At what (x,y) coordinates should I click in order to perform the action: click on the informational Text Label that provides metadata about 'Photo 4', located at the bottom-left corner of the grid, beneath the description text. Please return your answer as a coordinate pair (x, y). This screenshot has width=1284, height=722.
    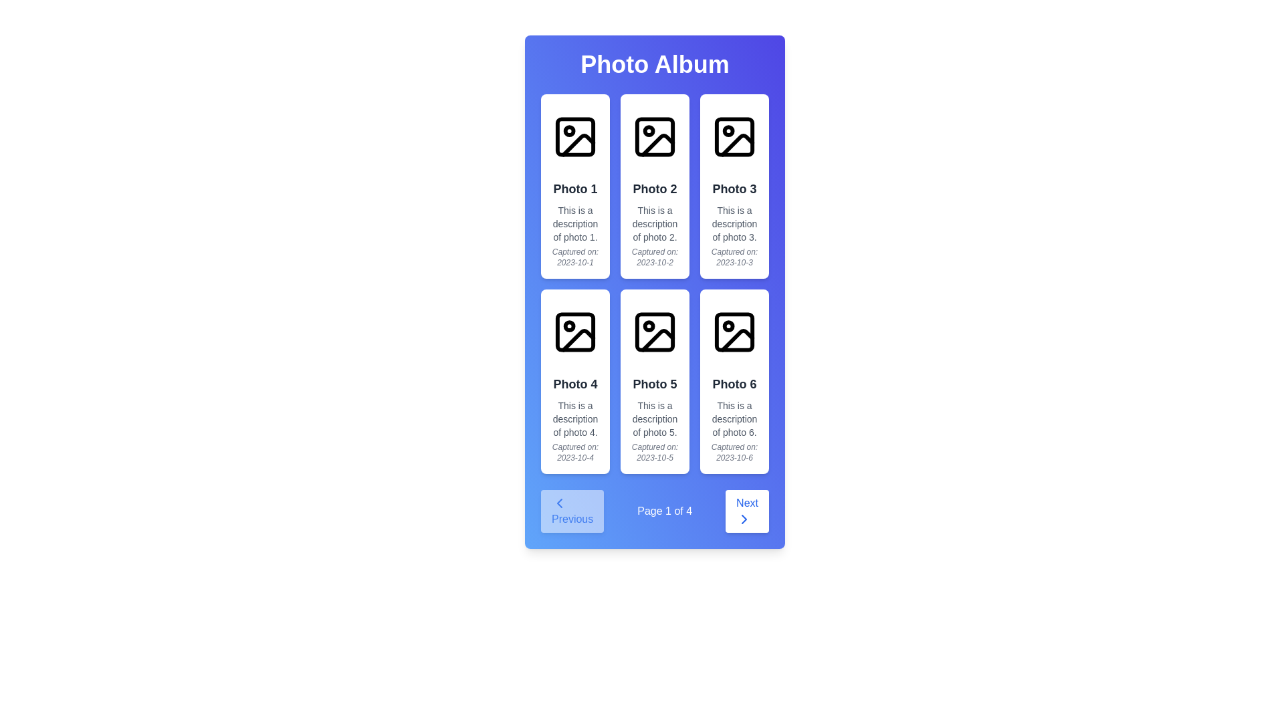
    Looking at the image, I should click on (575, 452).